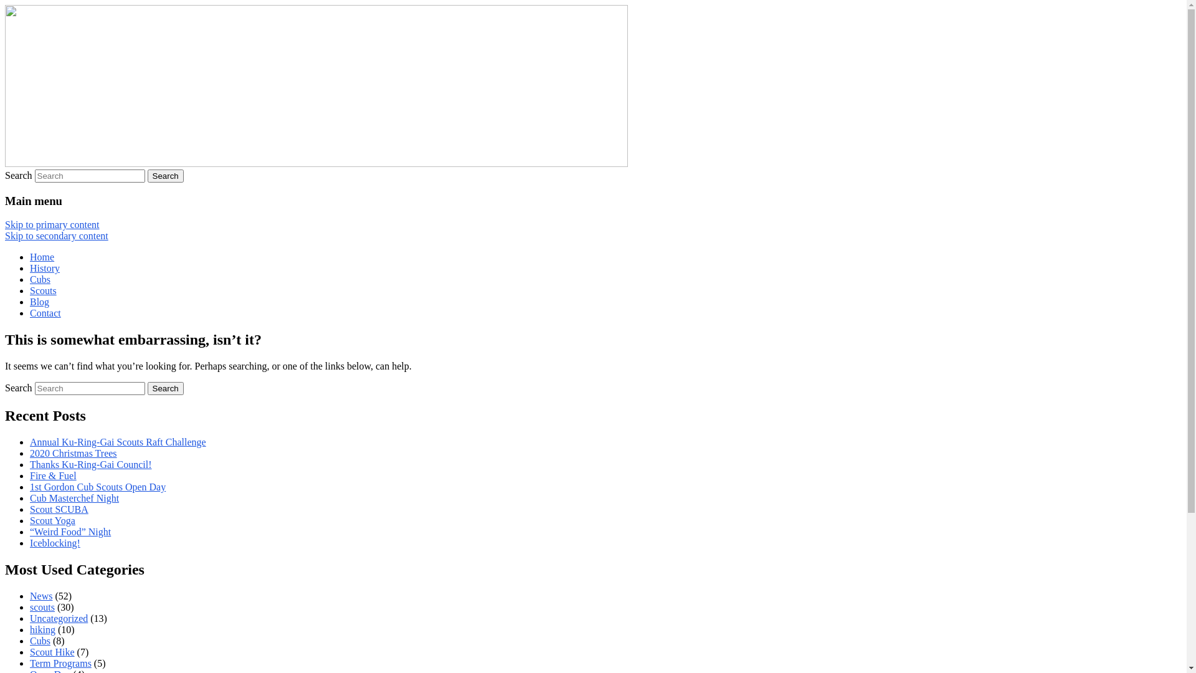 Image resolution: width=1196 pixels, height=673 pixels. I want to click on 'Scout Hike', so click(51, 651).